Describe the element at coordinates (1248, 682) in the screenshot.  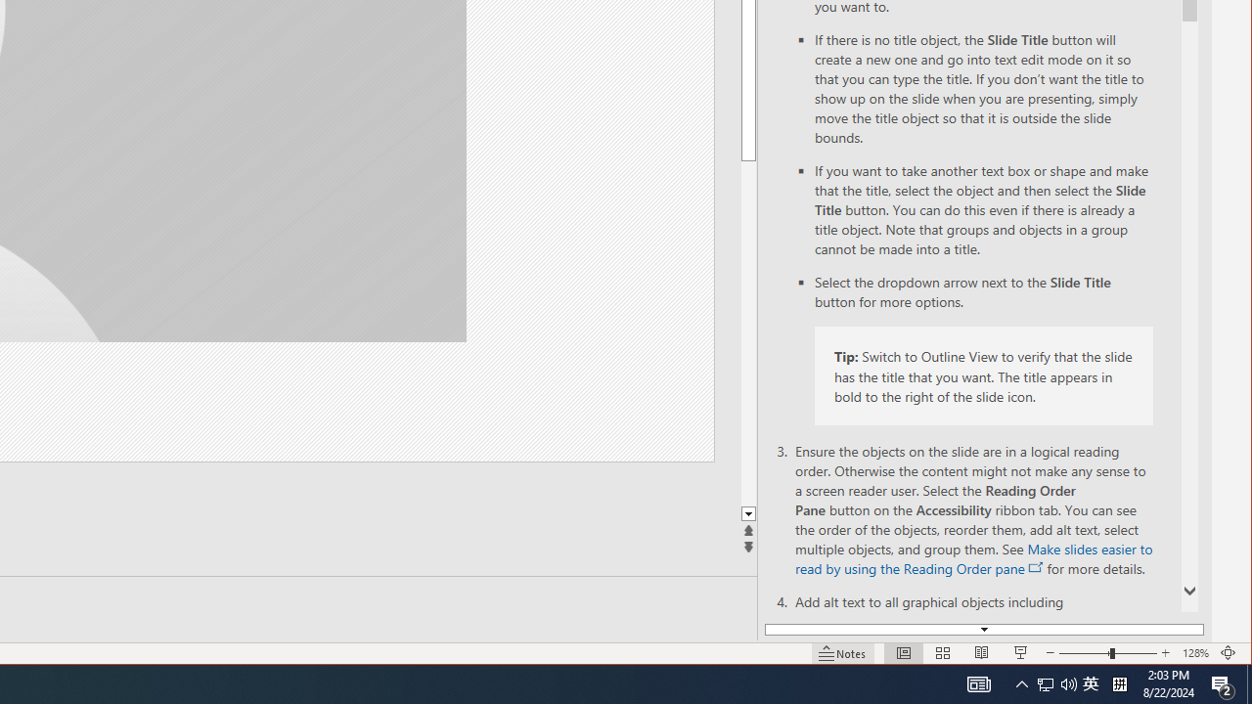
I see `'Show desktop'` at that location.